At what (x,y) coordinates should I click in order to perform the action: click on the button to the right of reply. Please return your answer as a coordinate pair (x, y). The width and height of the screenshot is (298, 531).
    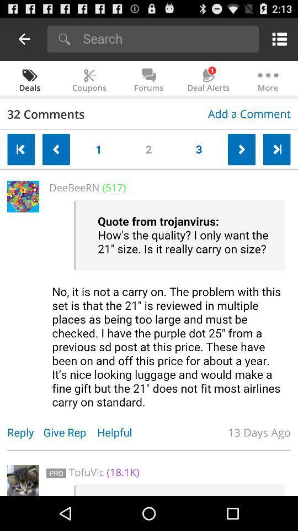
    Looking at the image, I should click on (70, 432).